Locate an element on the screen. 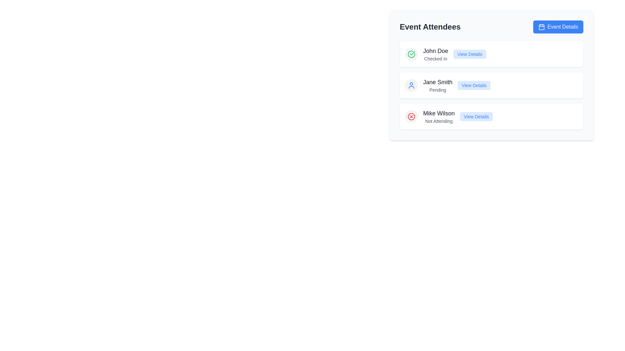 This screenshot has height=351, width=625. attendee's name and status from the content card located centrally in the 'Event Attendees' section, specifically the second element in the list is located at coordinates (492, 75).